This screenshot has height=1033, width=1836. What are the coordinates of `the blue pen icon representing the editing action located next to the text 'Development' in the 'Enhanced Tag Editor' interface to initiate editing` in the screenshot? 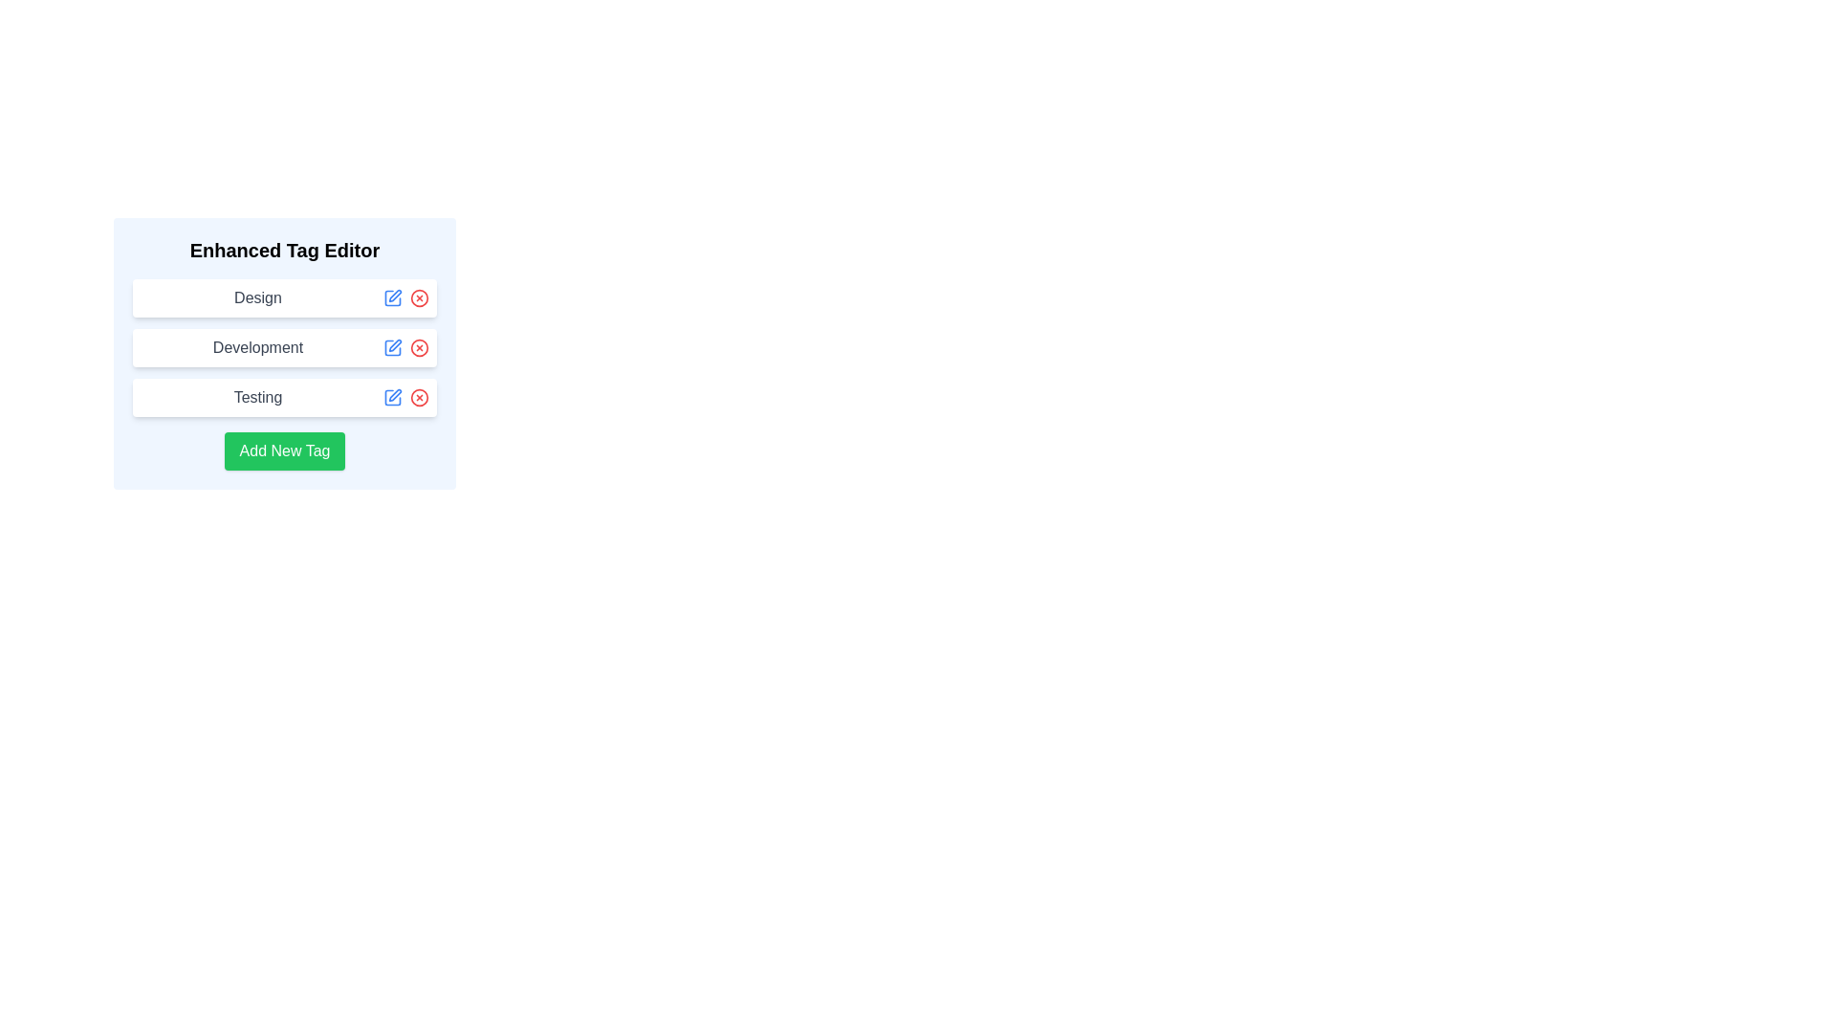 It's located at (392, 347).